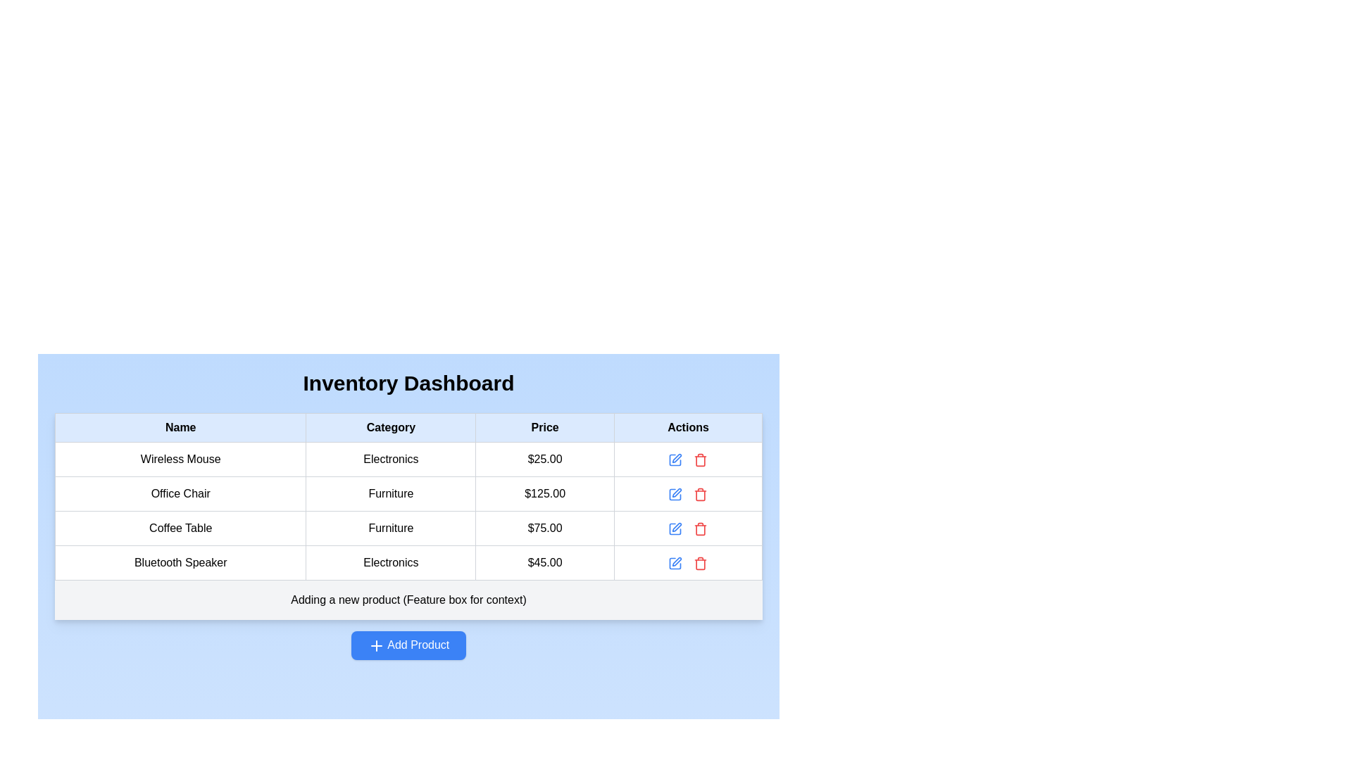 This screenshot has height=760, width=1352. I want to click on the 'Add Product' button with a blue background and white text, so click(408, 645).